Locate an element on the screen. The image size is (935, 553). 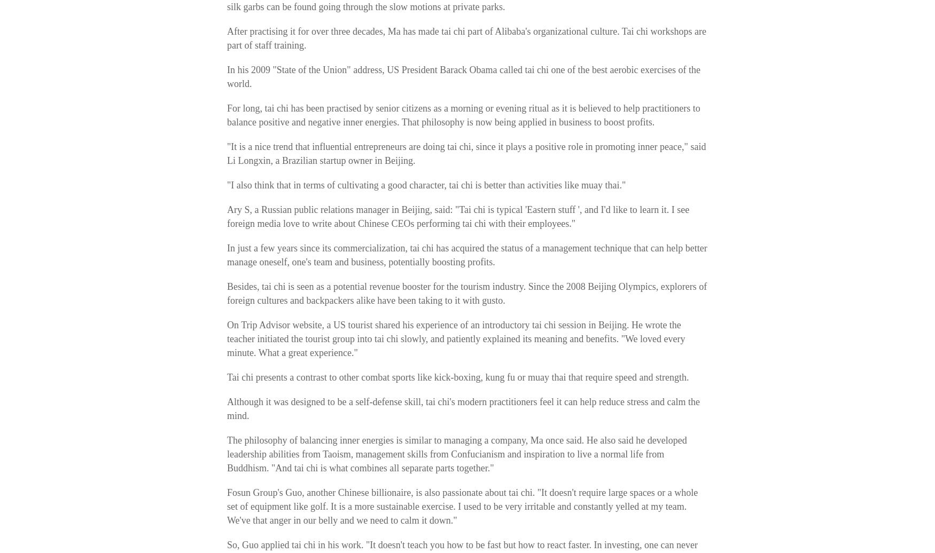
'The philosophy of balancing inner energies is similar to managing a company, Ma once said. He also said he developed leadership abilities from Taoism, management skills from Confucianism and inspiration to live a normal life from Buddhism. "And tai chi is what combines all separate parts together."' is located at coordinates (457, 454).